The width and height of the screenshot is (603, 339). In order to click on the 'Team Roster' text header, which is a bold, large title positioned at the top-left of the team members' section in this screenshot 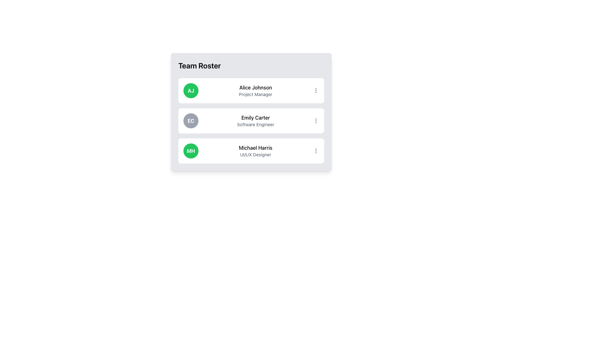, I will do `click(199, 65)`.